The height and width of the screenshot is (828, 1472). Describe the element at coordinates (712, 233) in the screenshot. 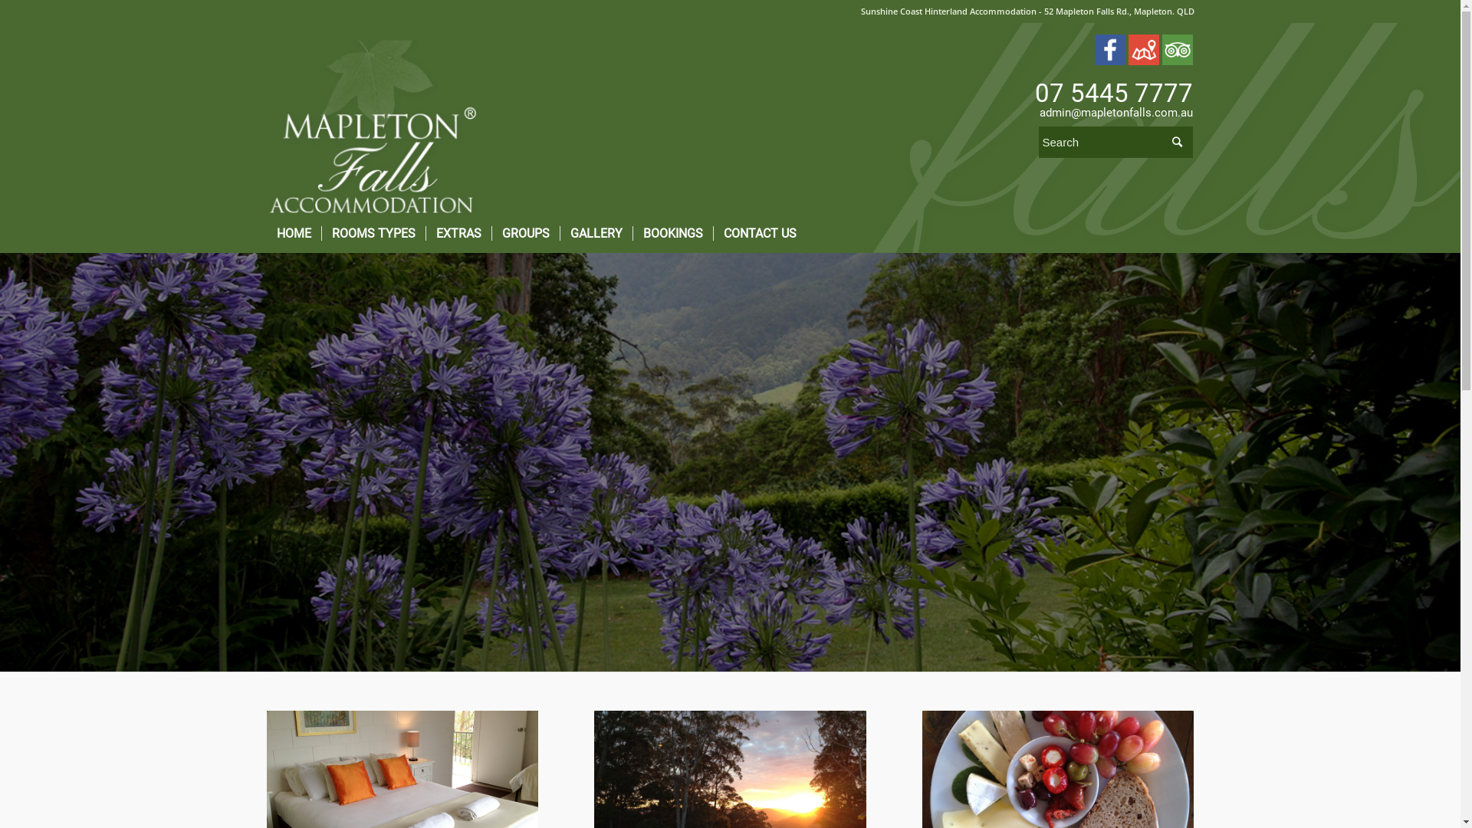

I see `'CONTACT US'` at that location.